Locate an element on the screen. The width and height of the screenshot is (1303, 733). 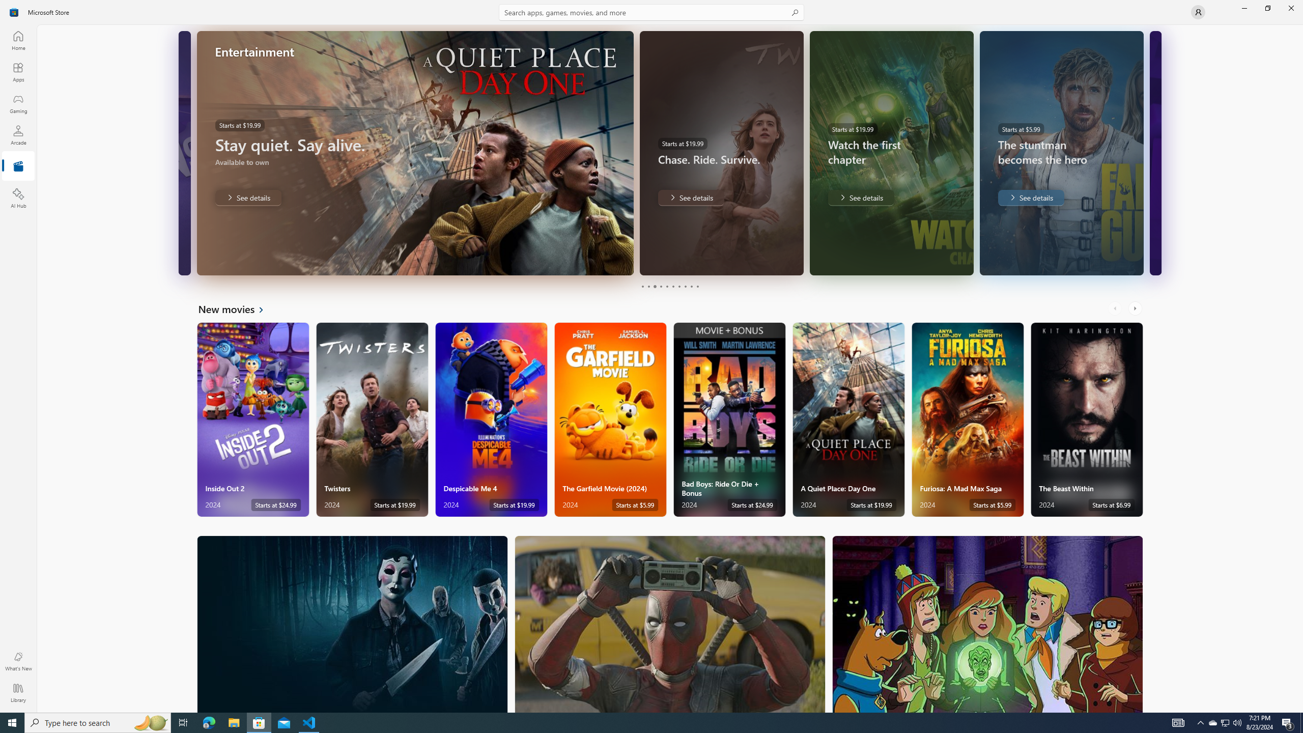
'Page 3' is located at coordinates (654, 286).